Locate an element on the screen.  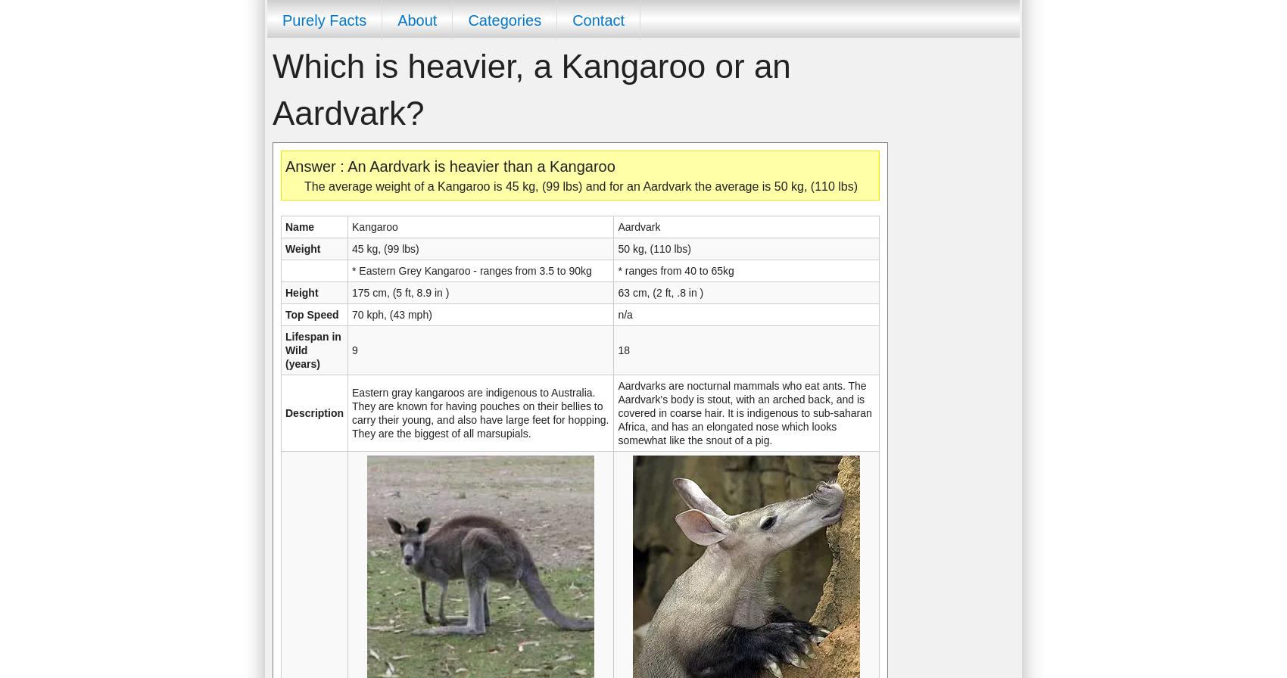
'Aardvark' is located at coordinates (638, 226).